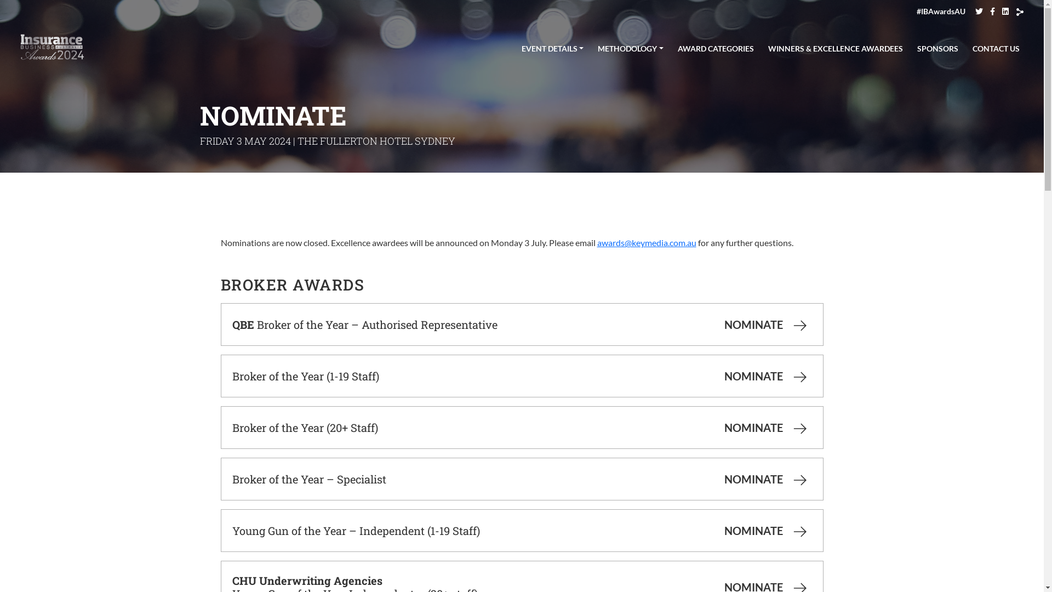 This screenshot has height=592, width=1052. What do you see at coordinates (835, 46) in the screenshot?
I see `'WINNERS & EXCELLENCE AWARDEES'` at bounding box center [835, 46].